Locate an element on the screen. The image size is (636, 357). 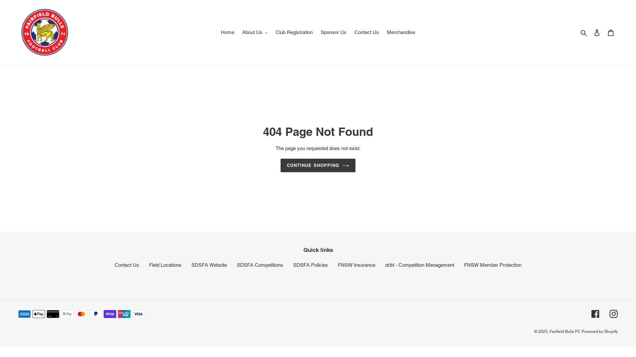
'About Us' is located at coordinates (254, 32).